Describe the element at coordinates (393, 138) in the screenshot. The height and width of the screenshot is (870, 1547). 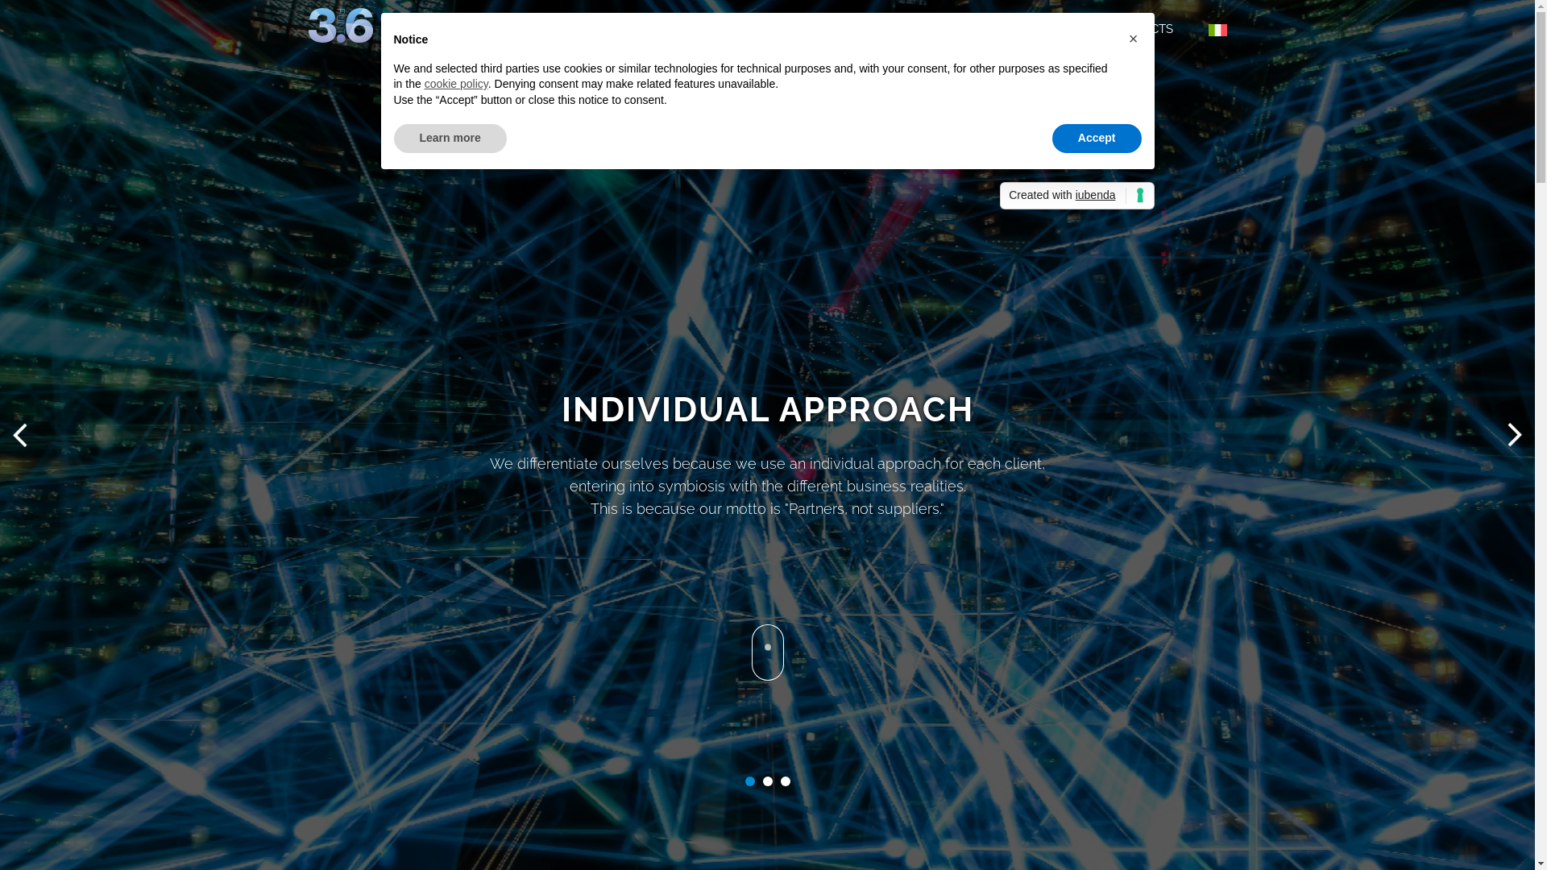
I see `'Learn more'` at that location.